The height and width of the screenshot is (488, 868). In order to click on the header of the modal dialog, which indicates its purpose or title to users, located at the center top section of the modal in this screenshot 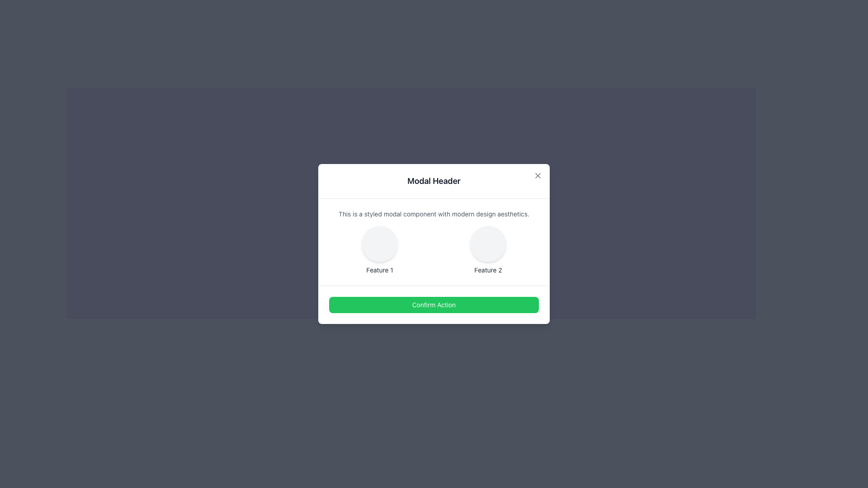, I will do `click(434, 181)`.